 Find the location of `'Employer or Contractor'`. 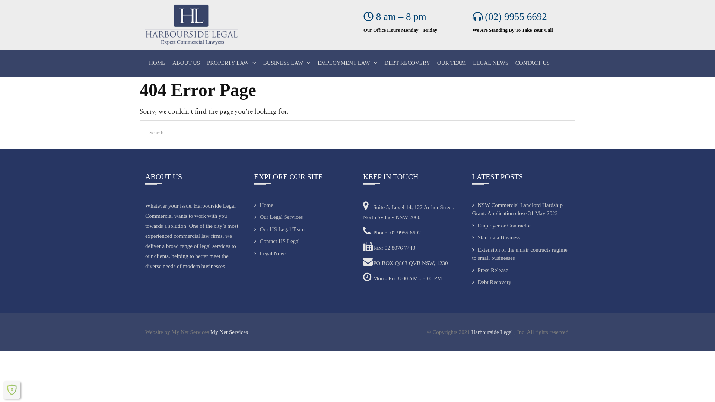

'Employer or Contractor' is located at coordinates (502, 225).